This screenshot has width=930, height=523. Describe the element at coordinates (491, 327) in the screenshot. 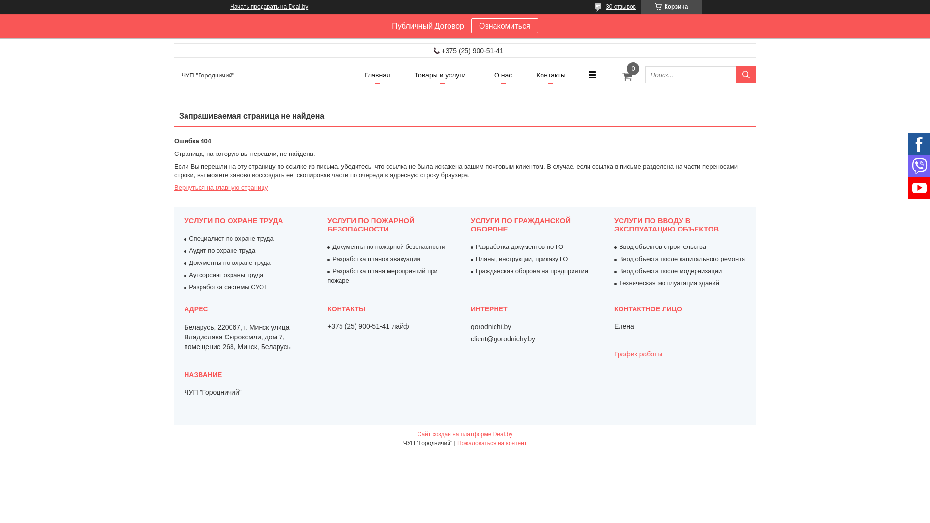

I see `'gorodnichi.by'` at that location.